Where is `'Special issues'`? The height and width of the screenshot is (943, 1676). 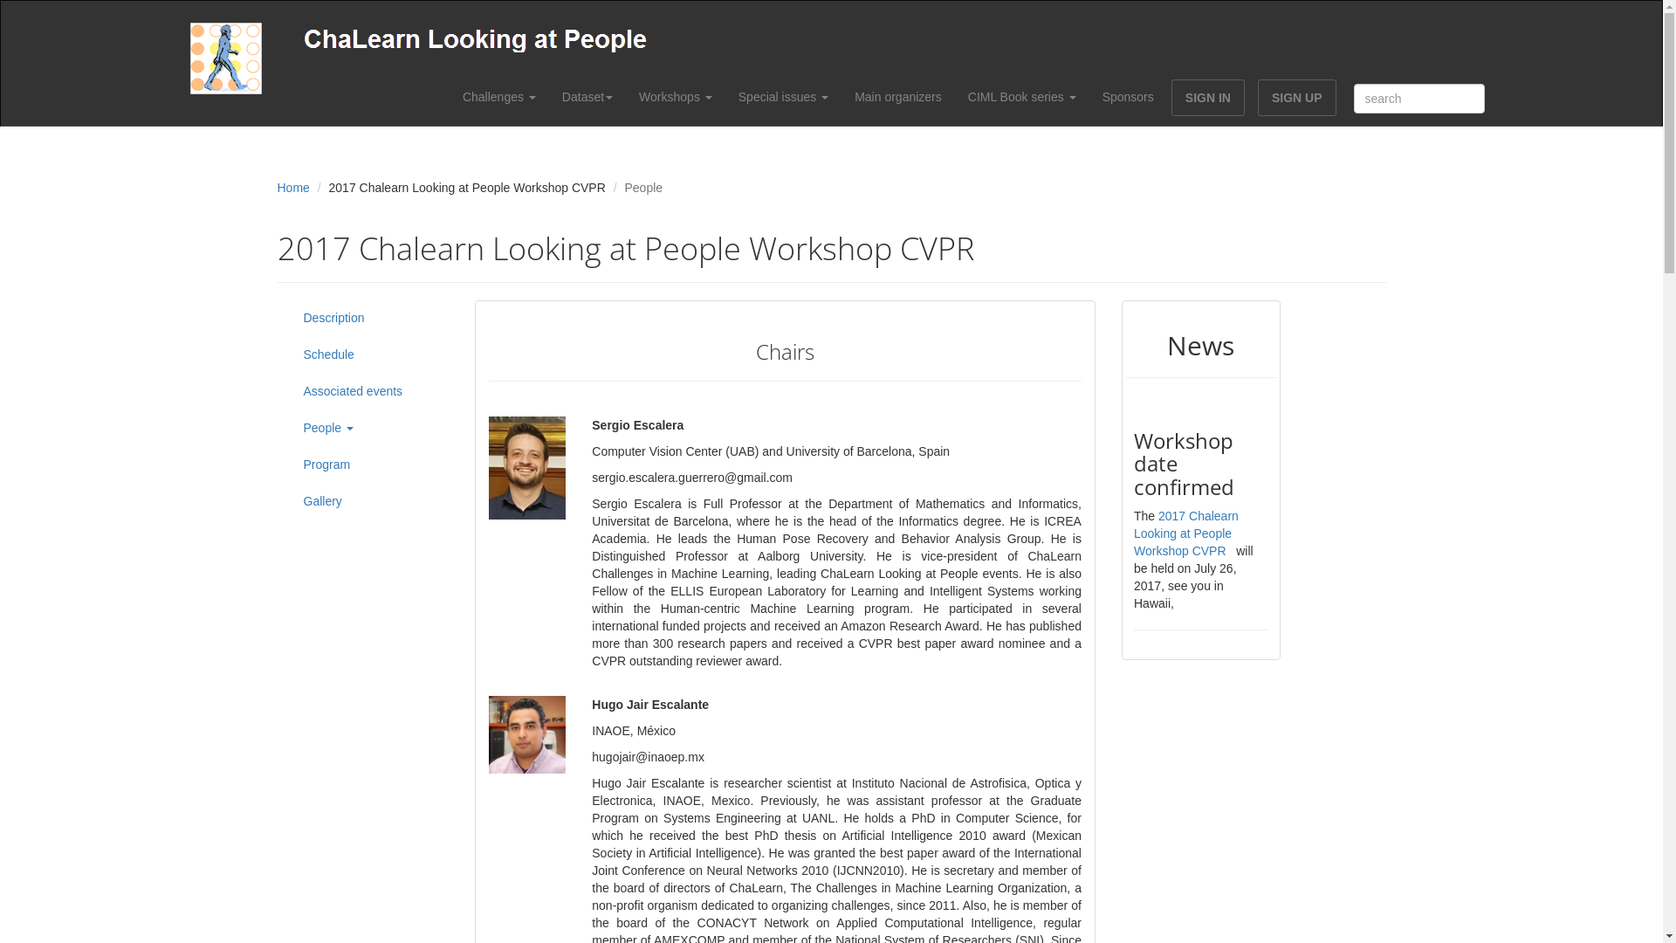
'Special issues' is located at coordinates (782, 97).